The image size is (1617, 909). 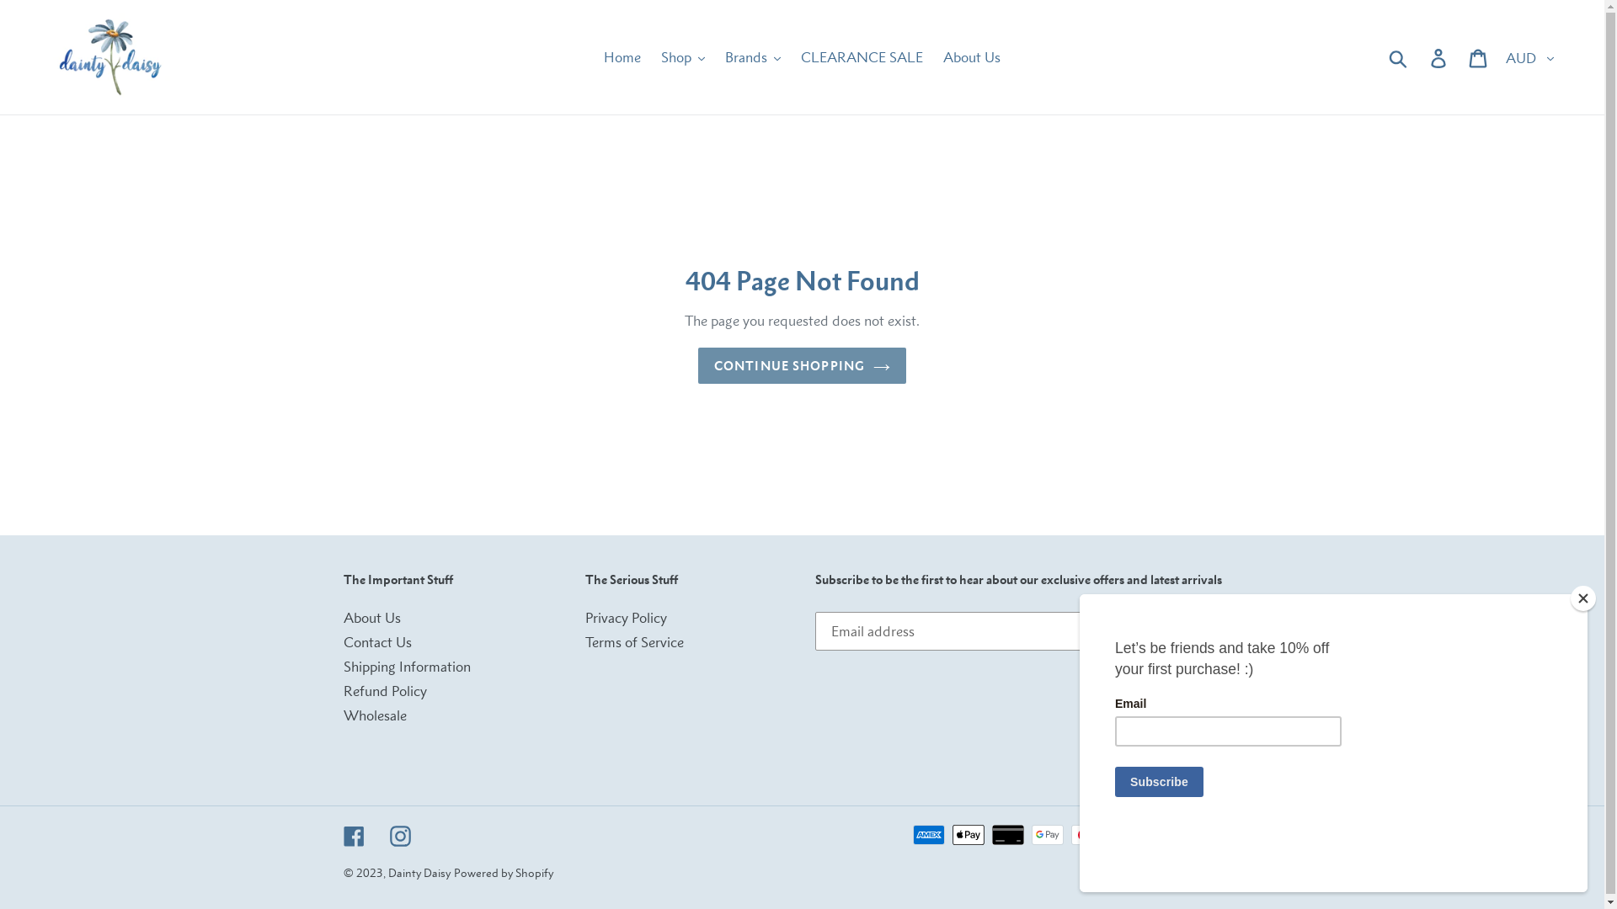 I want to click on 'Instagram', so click(x=387, y=835).